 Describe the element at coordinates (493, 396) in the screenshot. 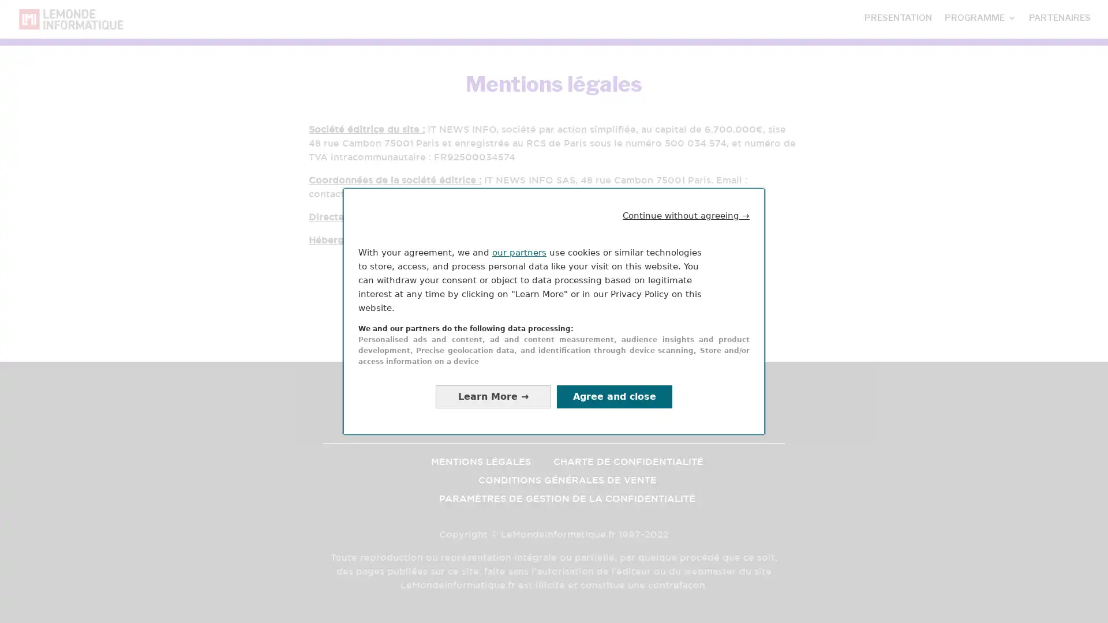

I see `Configure your consents` at that location.